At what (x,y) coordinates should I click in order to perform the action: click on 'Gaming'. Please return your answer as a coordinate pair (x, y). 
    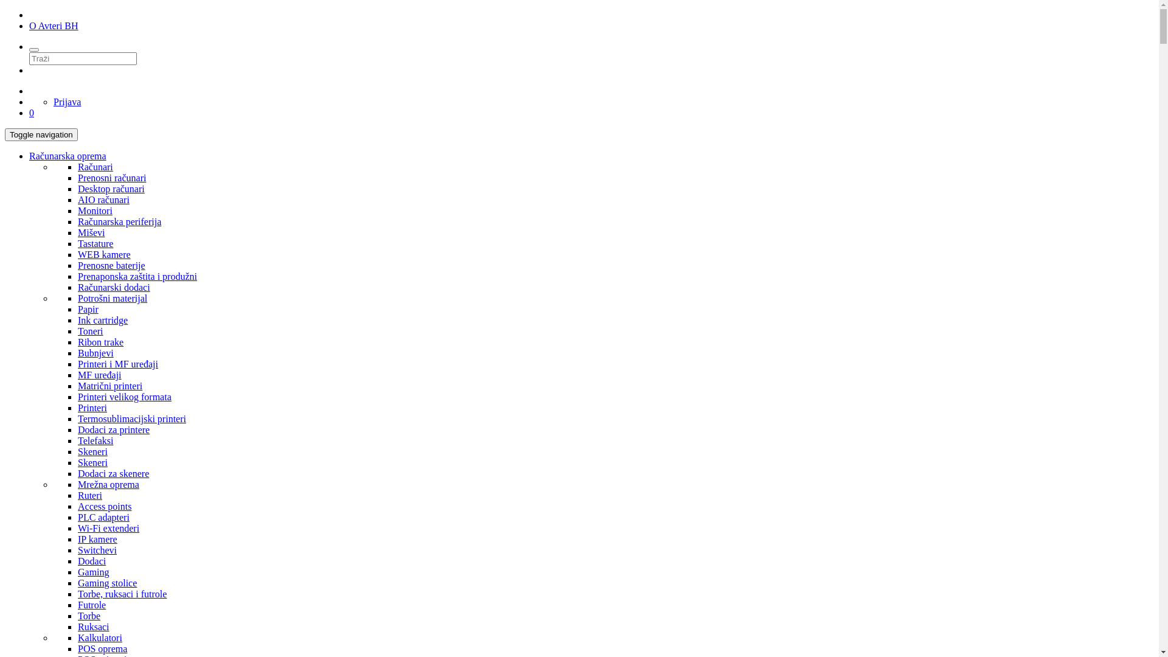
    Looking at the image, I should click on (77, 572).